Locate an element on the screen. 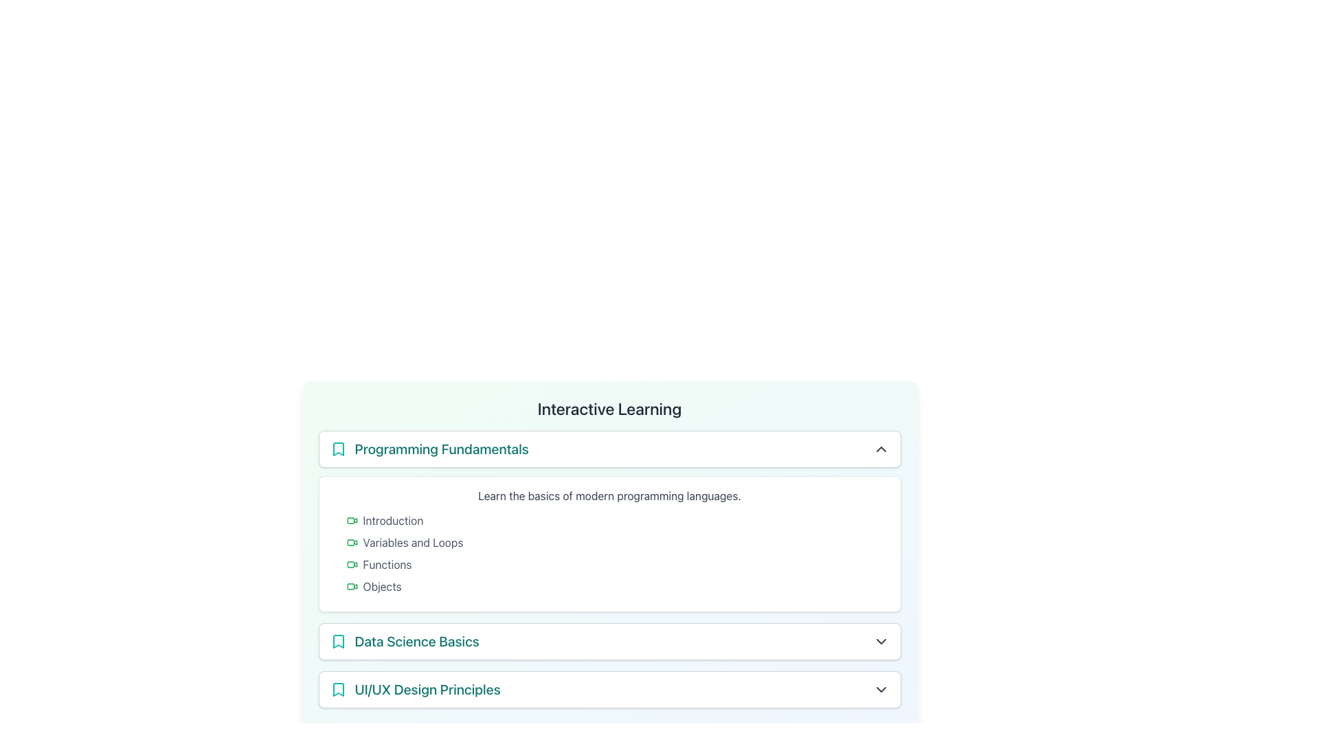  the teal bookmark icon adjacent to the 'Data Science Basics' text label in the 'Programming Fundamentals' section is located at coordinates (404, 641).